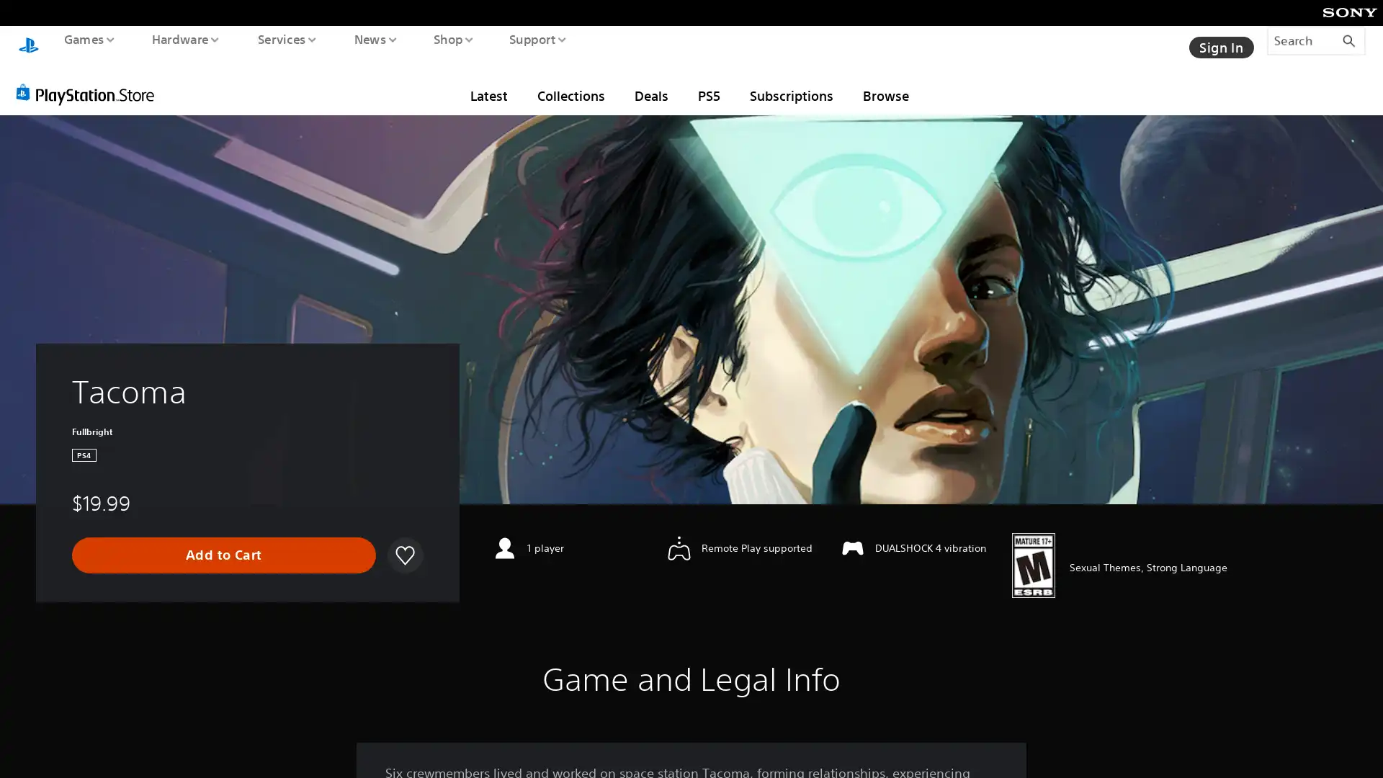 The width and height of the screenshot is (1383, 778). Describe the element at coordinates (1219, 40) in the screenshot. I see `Sign In` at that location.